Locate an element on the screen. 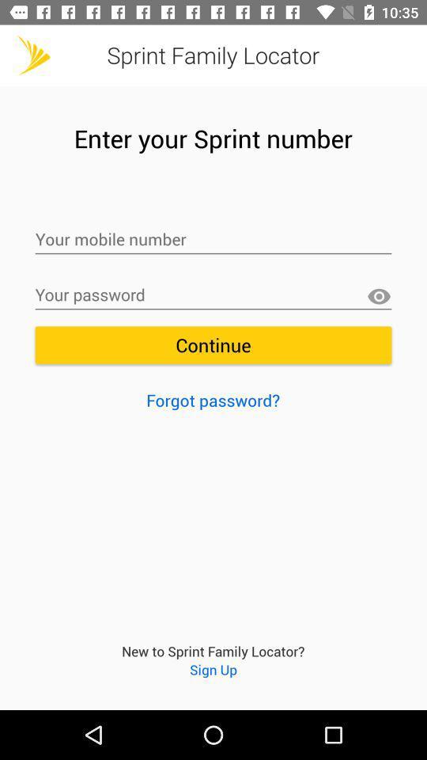 The width and height of the screenshot is (427, 760). the item above forgot password? is located at coordinates (213, 345).